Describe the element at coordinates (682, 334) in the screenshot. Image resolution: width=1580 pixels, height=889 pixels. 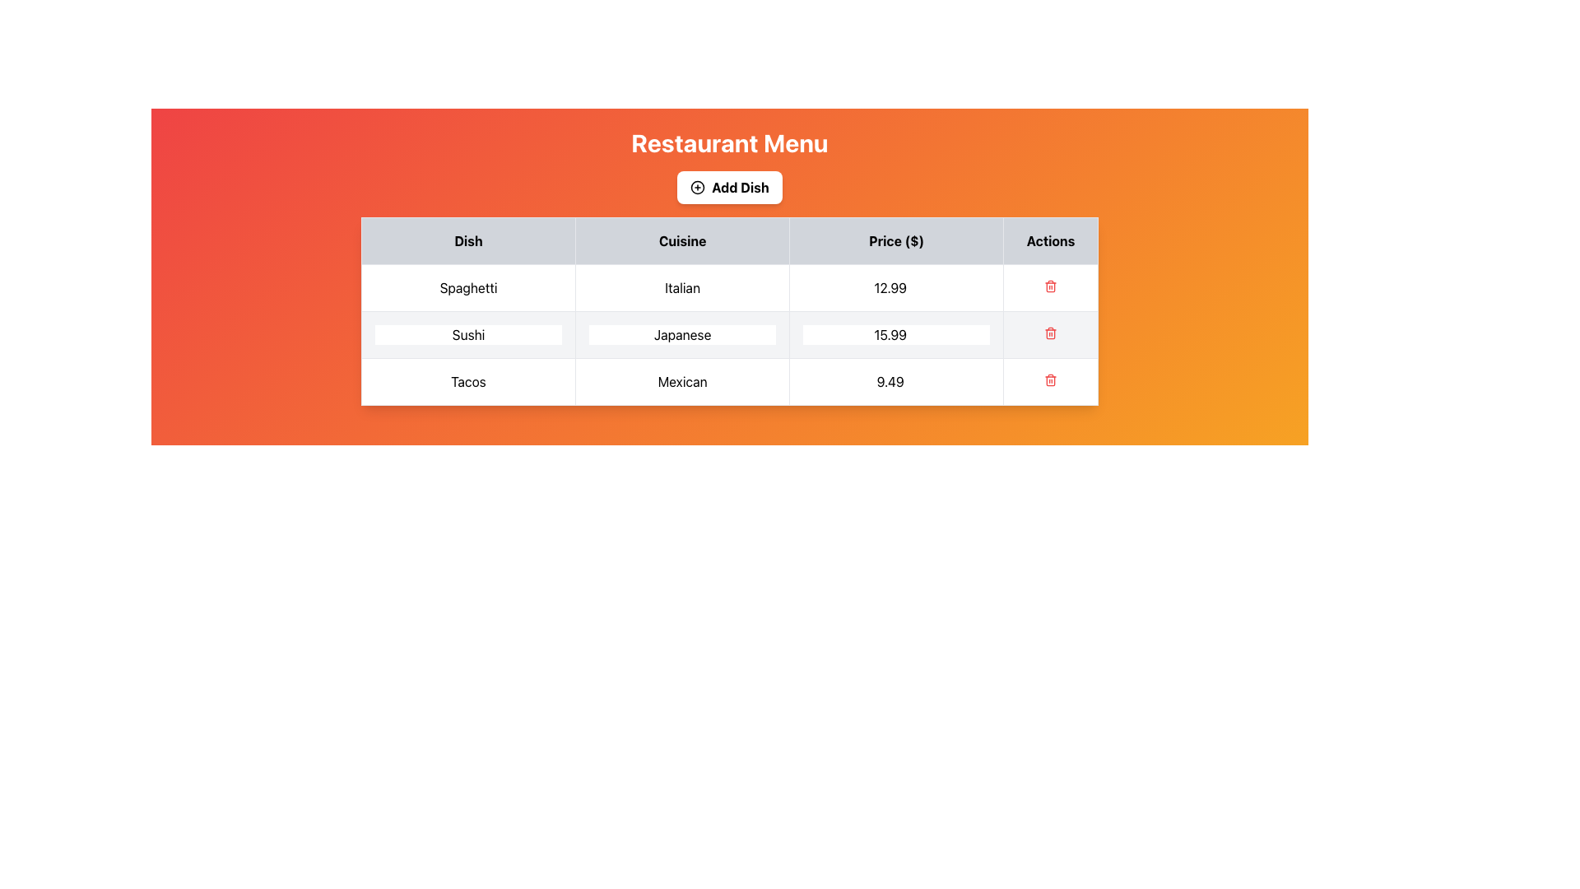
I see `the Text Input Field for the 'Cuisine' of the 'Sushi' dish entry to potentially view tooltips` at that location.